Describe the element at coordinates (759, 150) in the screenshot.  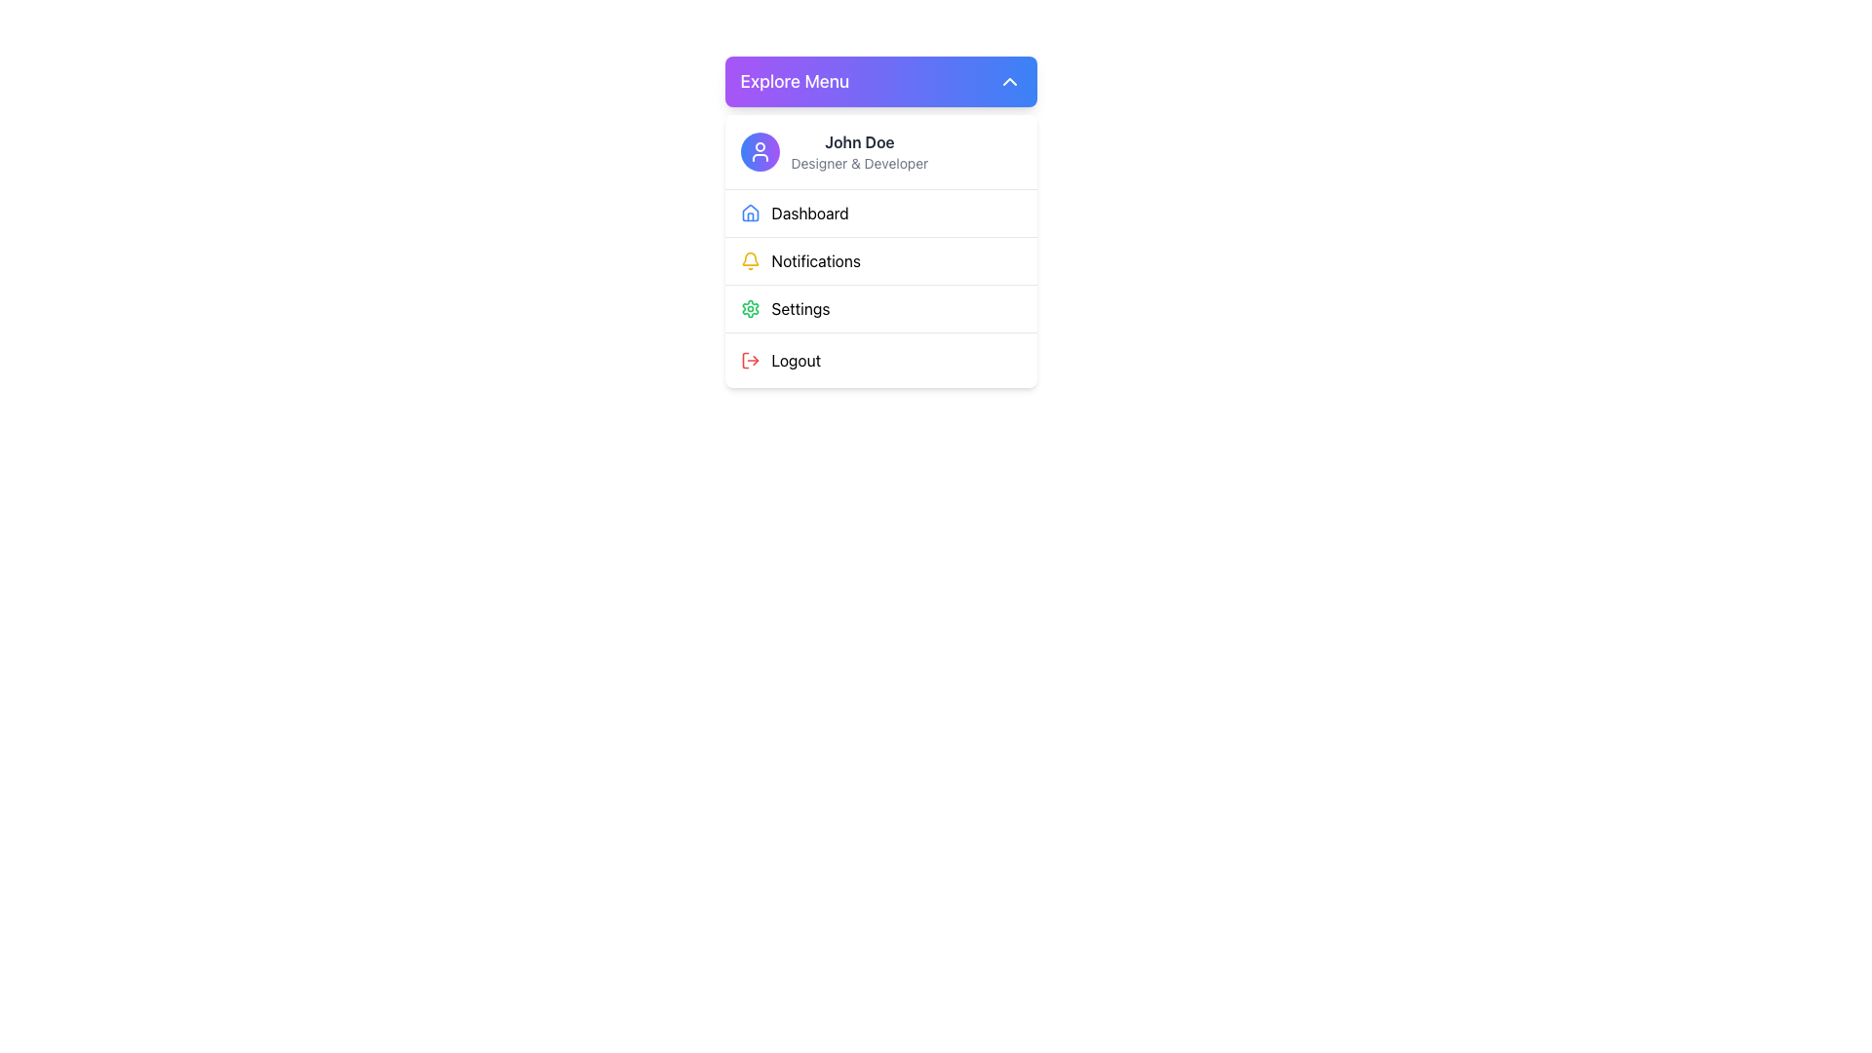
I see `the Profile Icon, which is a circular icon with a gradient background from blue to purple, featuring a white line illustration of a person. This icon is located at the top-left of a menu card, to the left of the text 'John Doe' and the subtitle 'Designer & Developer'` at that location.